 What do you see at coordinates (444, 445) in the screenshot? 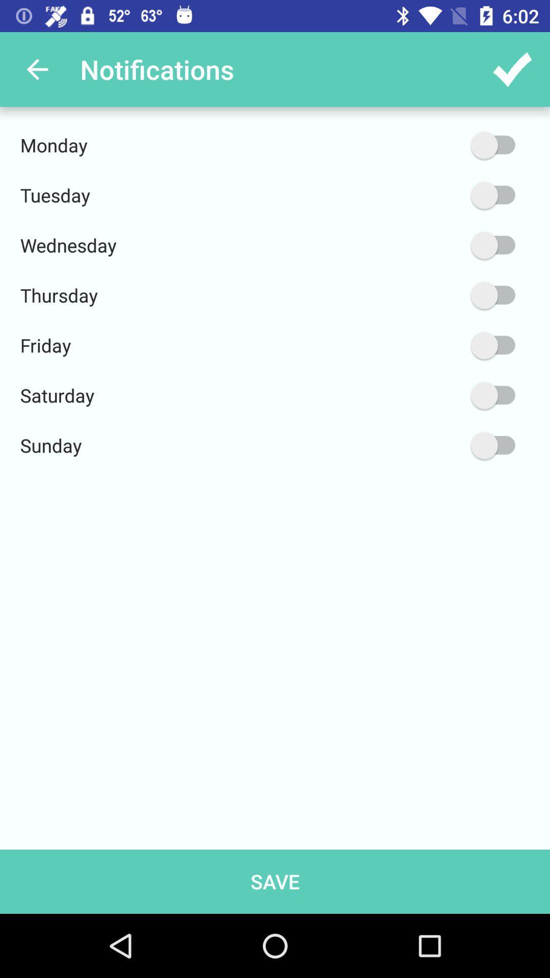
I see `the icon above save item` at bounding box center [444, 445].